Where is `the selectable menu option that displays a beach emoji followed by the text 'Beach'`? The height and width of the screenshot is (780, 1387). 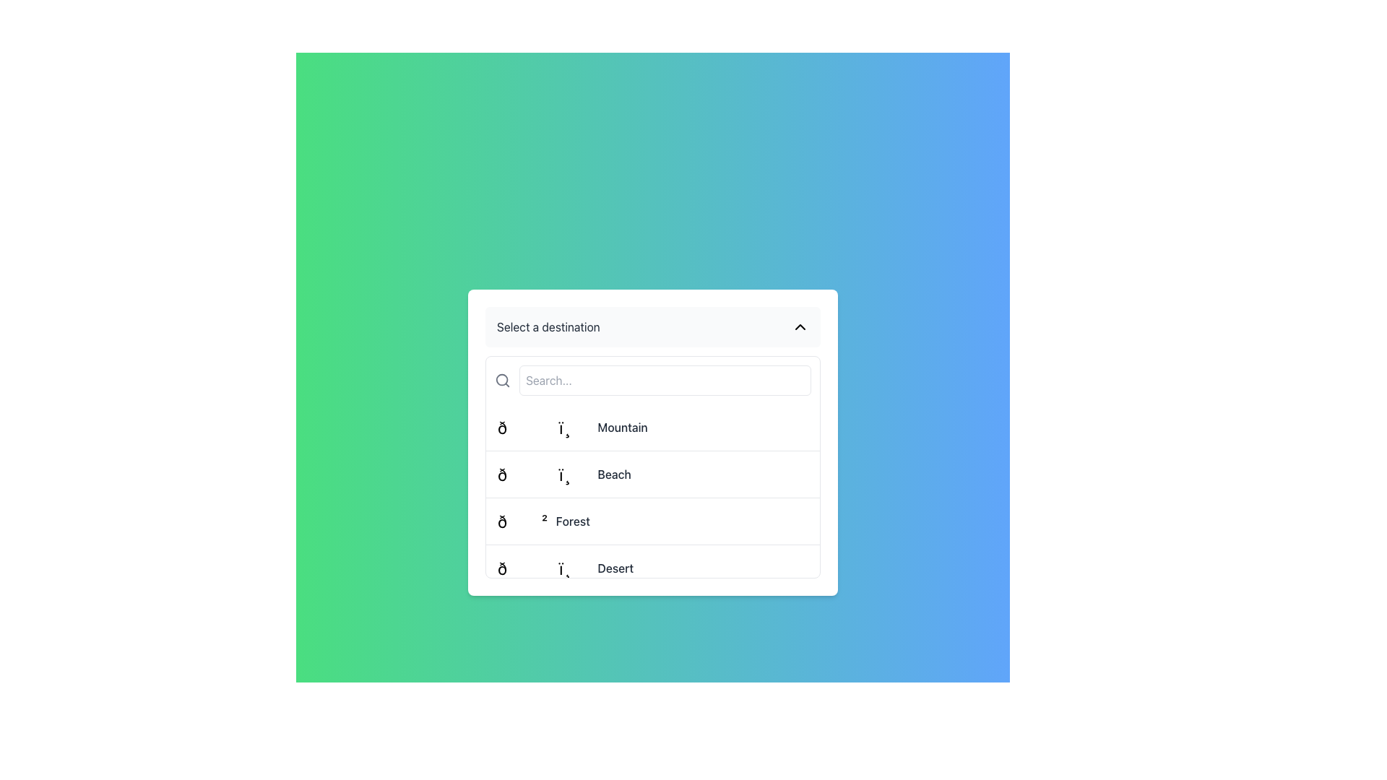
the selectable menu option that displays a beach emoji followed by the text 'Beach' is located at coordinates (563, 474).